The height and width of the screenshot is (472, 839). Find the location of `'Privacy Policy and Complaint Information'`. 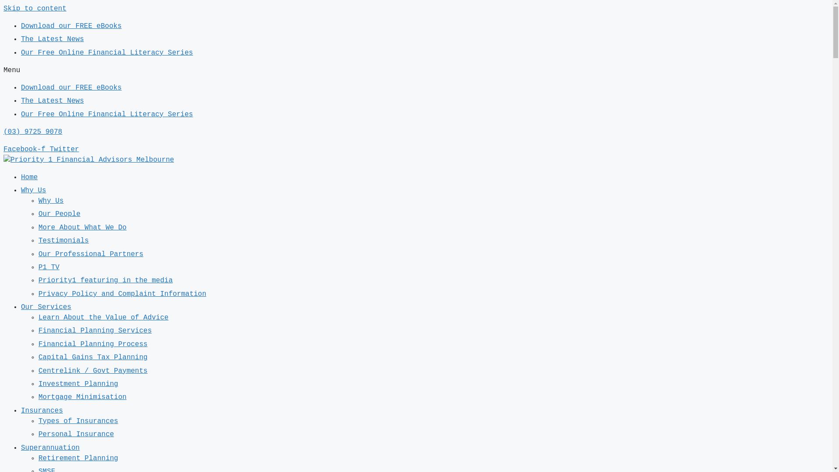

'Privacy Policy and Complaint Information' is located at coordinates (121, 294).